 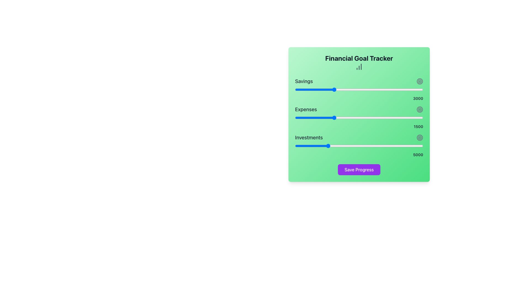 I want to click on the Header titled 'Financial Goal Tracker' which features a bar graph icon, located at the top of the green gradient background widget, so click(x=359, y=62).